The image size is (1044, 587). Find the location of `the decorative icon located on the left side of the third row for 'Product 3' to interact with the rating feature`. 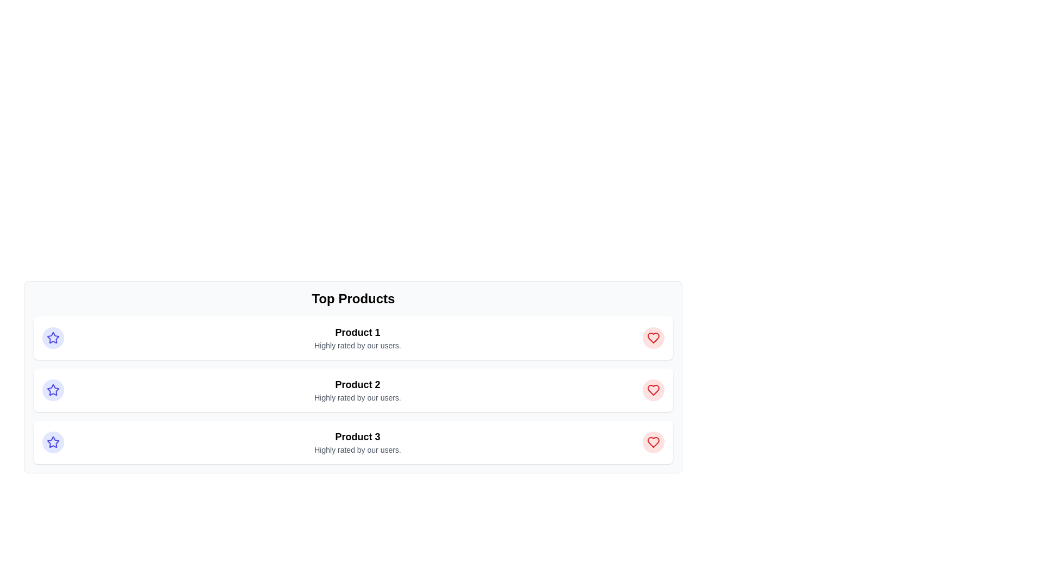

the decorative icon located on the left side of the third row for 'Product 3' to interact with the rating feature is located at coordinates (52, 442).